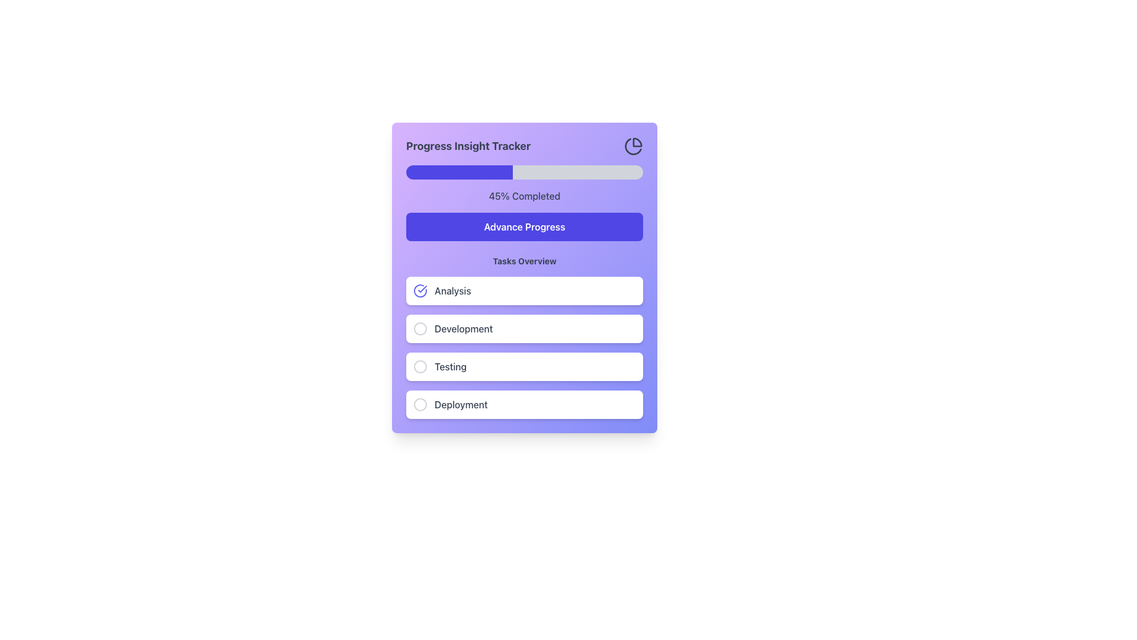  Describe the element at coordinates (450, 366) in the screenshot. I see `the text label displaying the word 'Testing', which is the third item in a vertical list of tasks, contained within a white rectangular card` at that location.